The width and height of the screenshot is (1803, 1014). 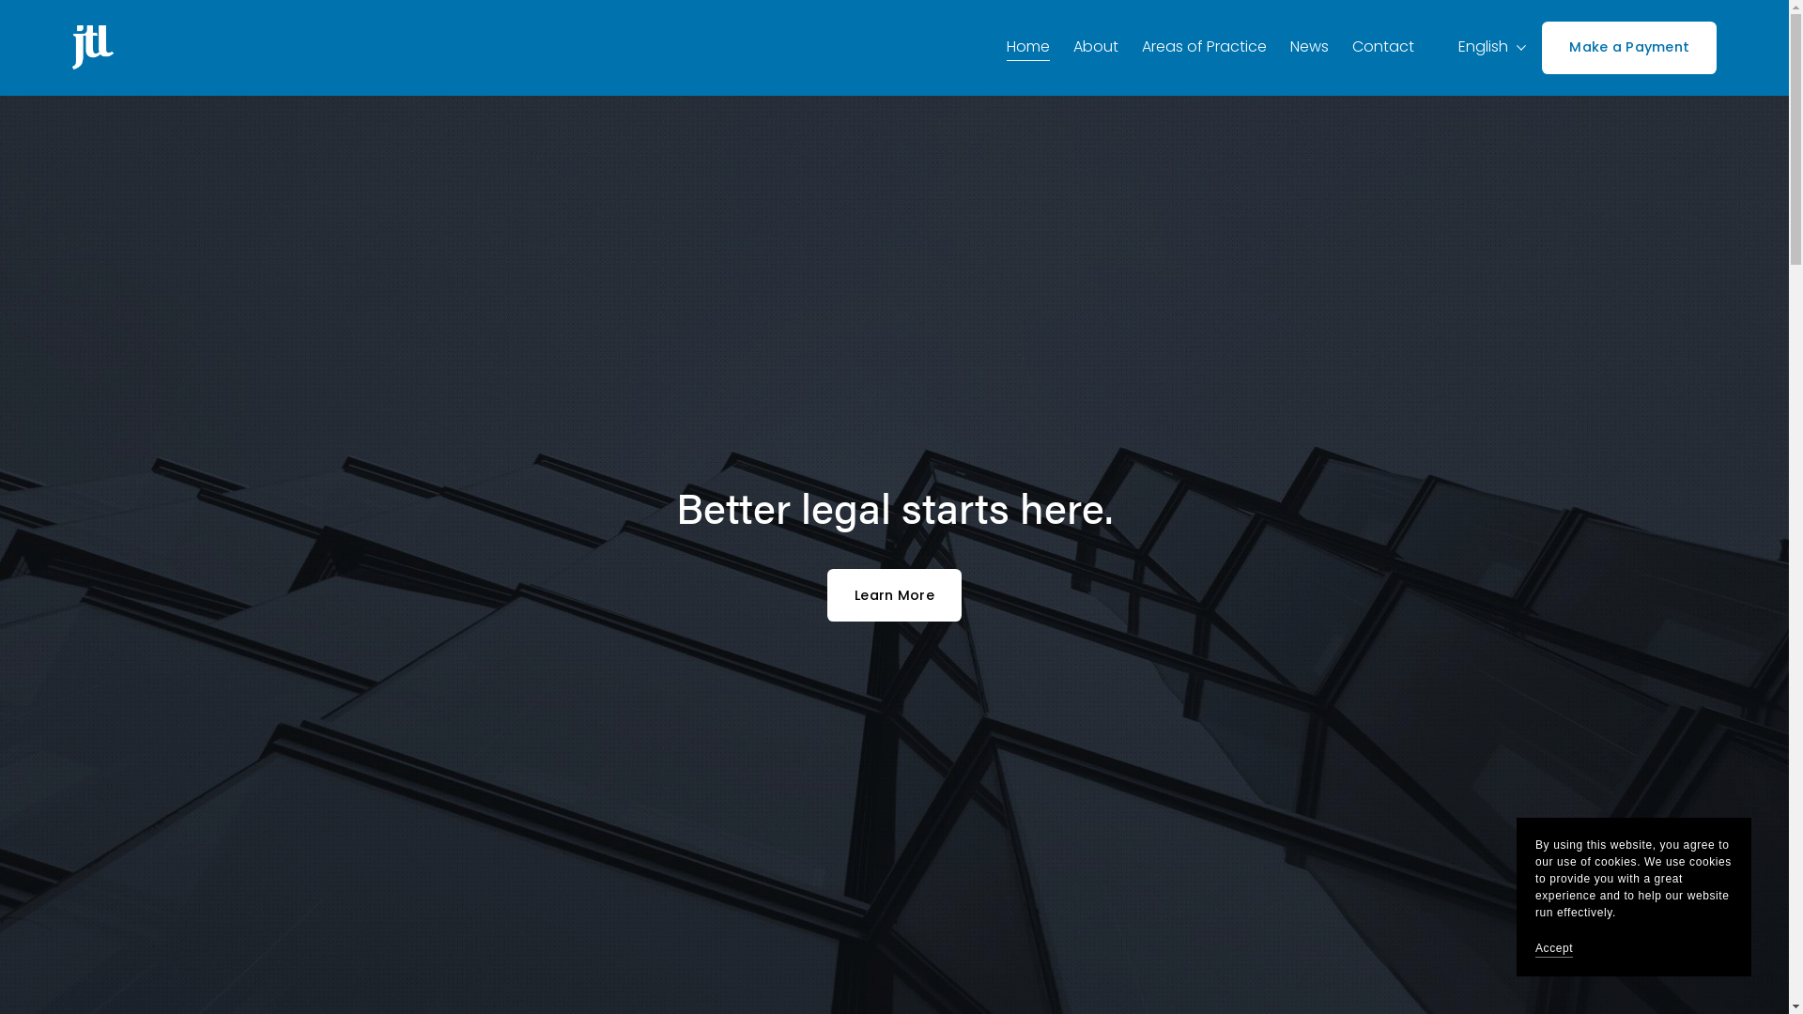 I want to click on 'Contact', so click(x=1383, y=46).